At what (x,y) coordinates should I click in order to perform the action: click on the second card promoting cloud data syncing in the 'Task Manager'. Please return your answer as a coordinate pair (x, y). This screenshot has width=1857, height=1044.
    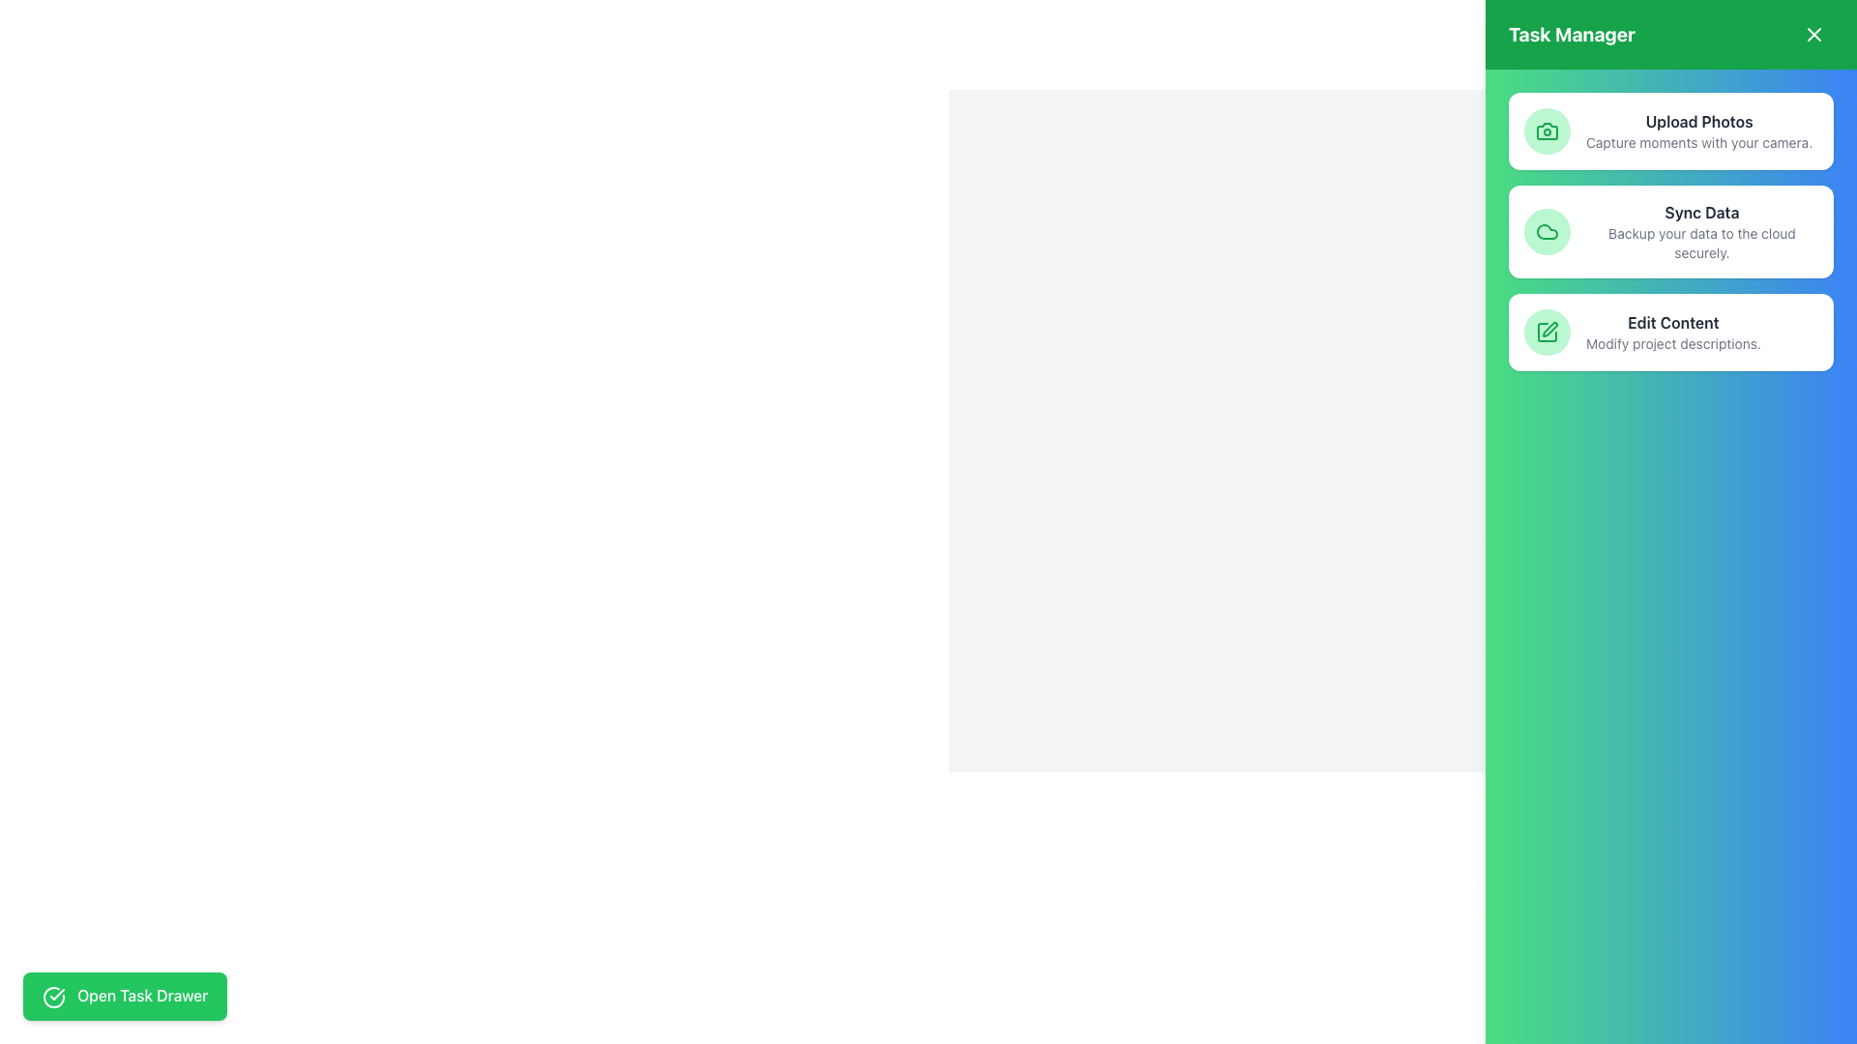
    Looking at the image, I should click on (1670, 230).